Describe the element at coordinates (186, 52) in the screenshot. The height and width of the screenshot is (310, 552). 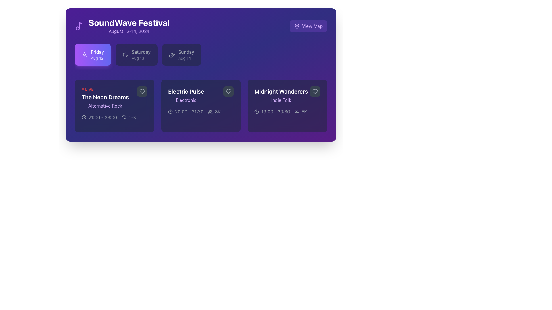
I see `the text label displaying 'Sunday', which is the first text element in the rightmost tab of the date-related tabs in the event selection interface` at that location.